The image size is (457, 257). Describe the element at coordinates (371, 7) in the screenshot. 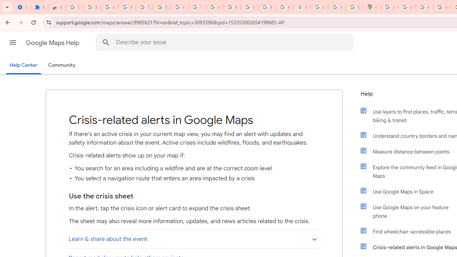

I see `'Google Maps'` at that location.